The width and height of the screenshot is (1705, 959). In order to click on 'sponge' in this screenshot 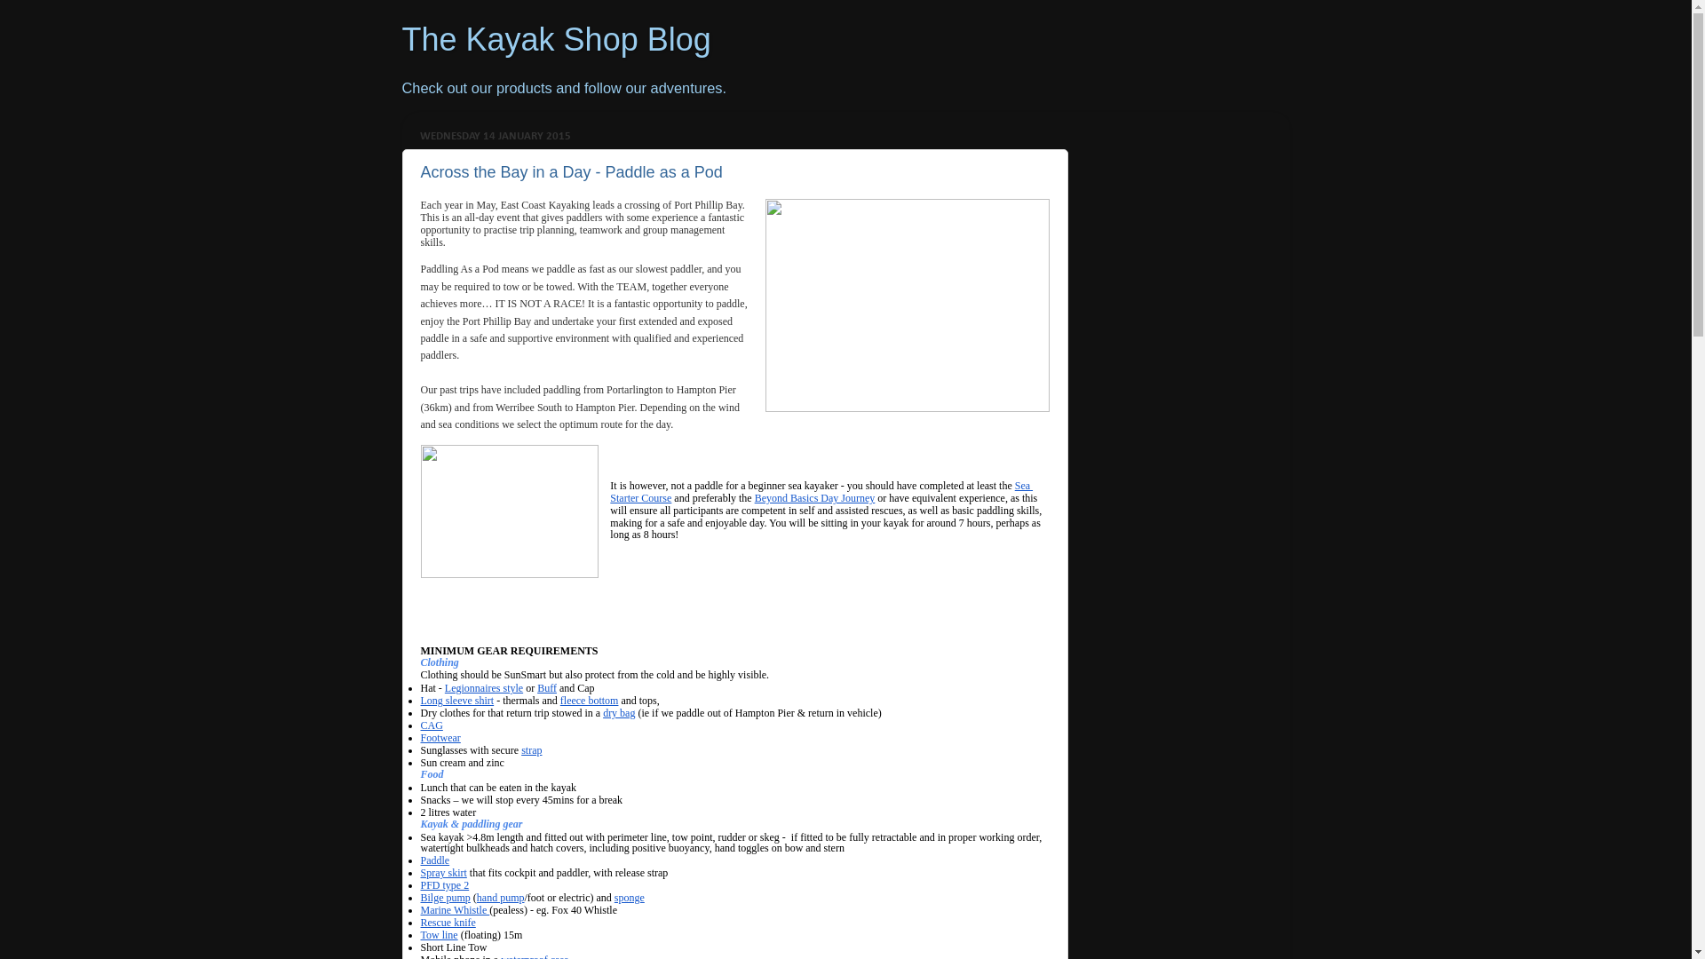, I will do `click(630, 897)`.